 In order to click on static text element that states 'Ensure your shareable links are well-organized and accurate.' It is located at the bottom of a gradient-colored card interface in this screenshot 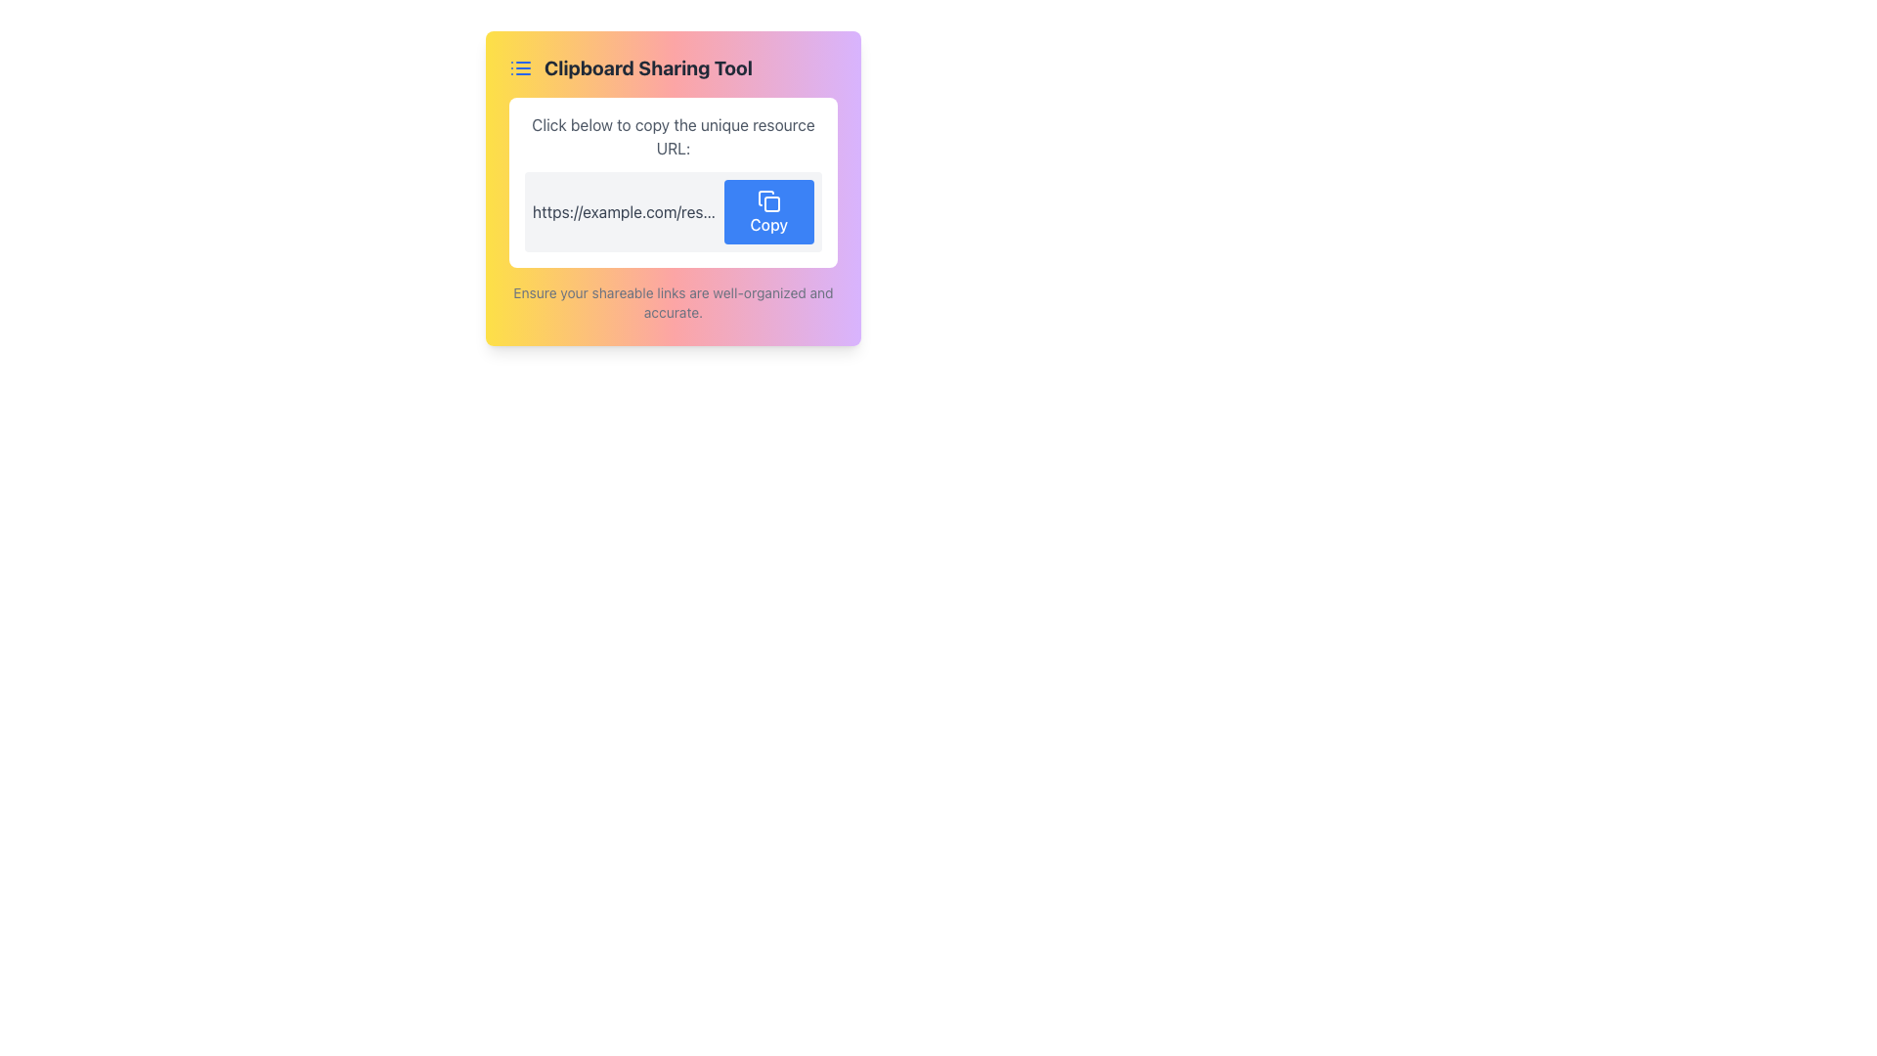, I will do `click(674, 301)`.